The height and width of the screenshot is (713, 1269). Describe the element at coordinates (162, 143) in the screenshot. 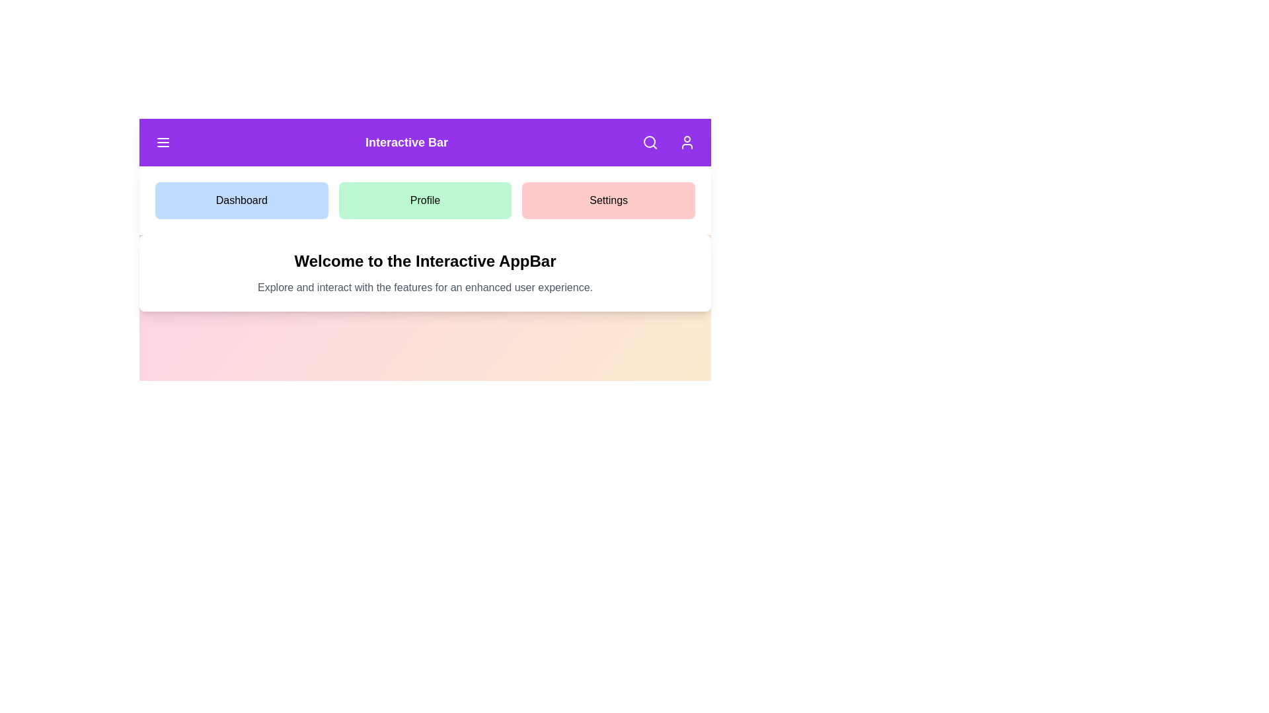

I see `the menu icon to toggle the visibility of the menu` at that location.